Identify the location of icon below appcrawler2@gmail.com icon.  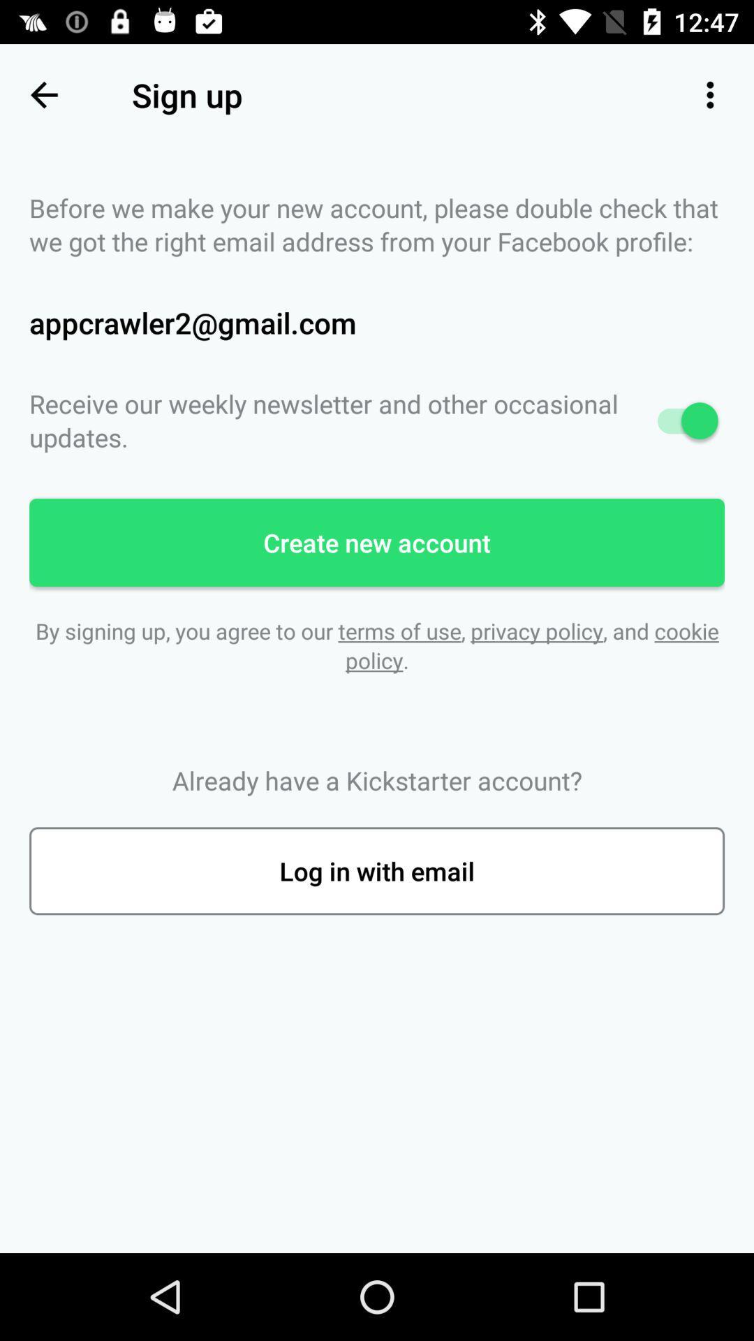
(377, 420).